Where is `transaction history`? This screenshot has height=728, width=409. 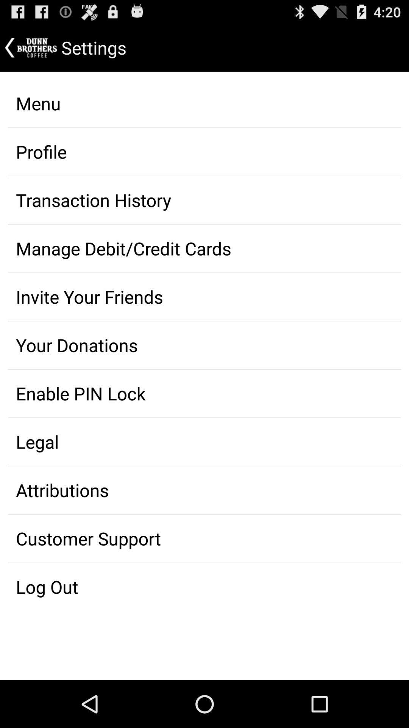 transaction history is located at coordinates (204, 200).